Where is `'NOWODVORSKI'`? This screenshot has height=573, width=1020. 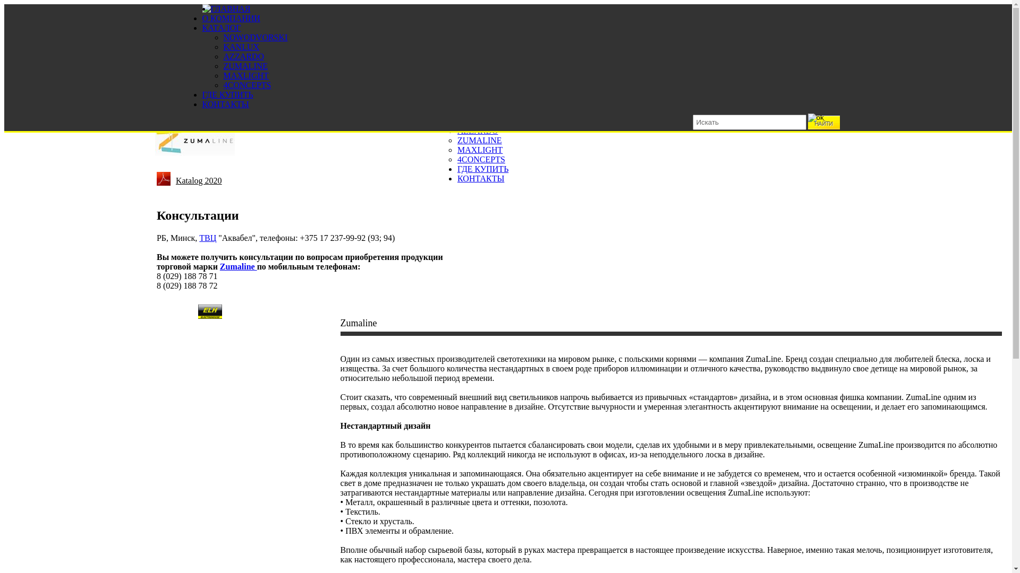
'NOWODVORSKI' is located at coordinates (255, 37).